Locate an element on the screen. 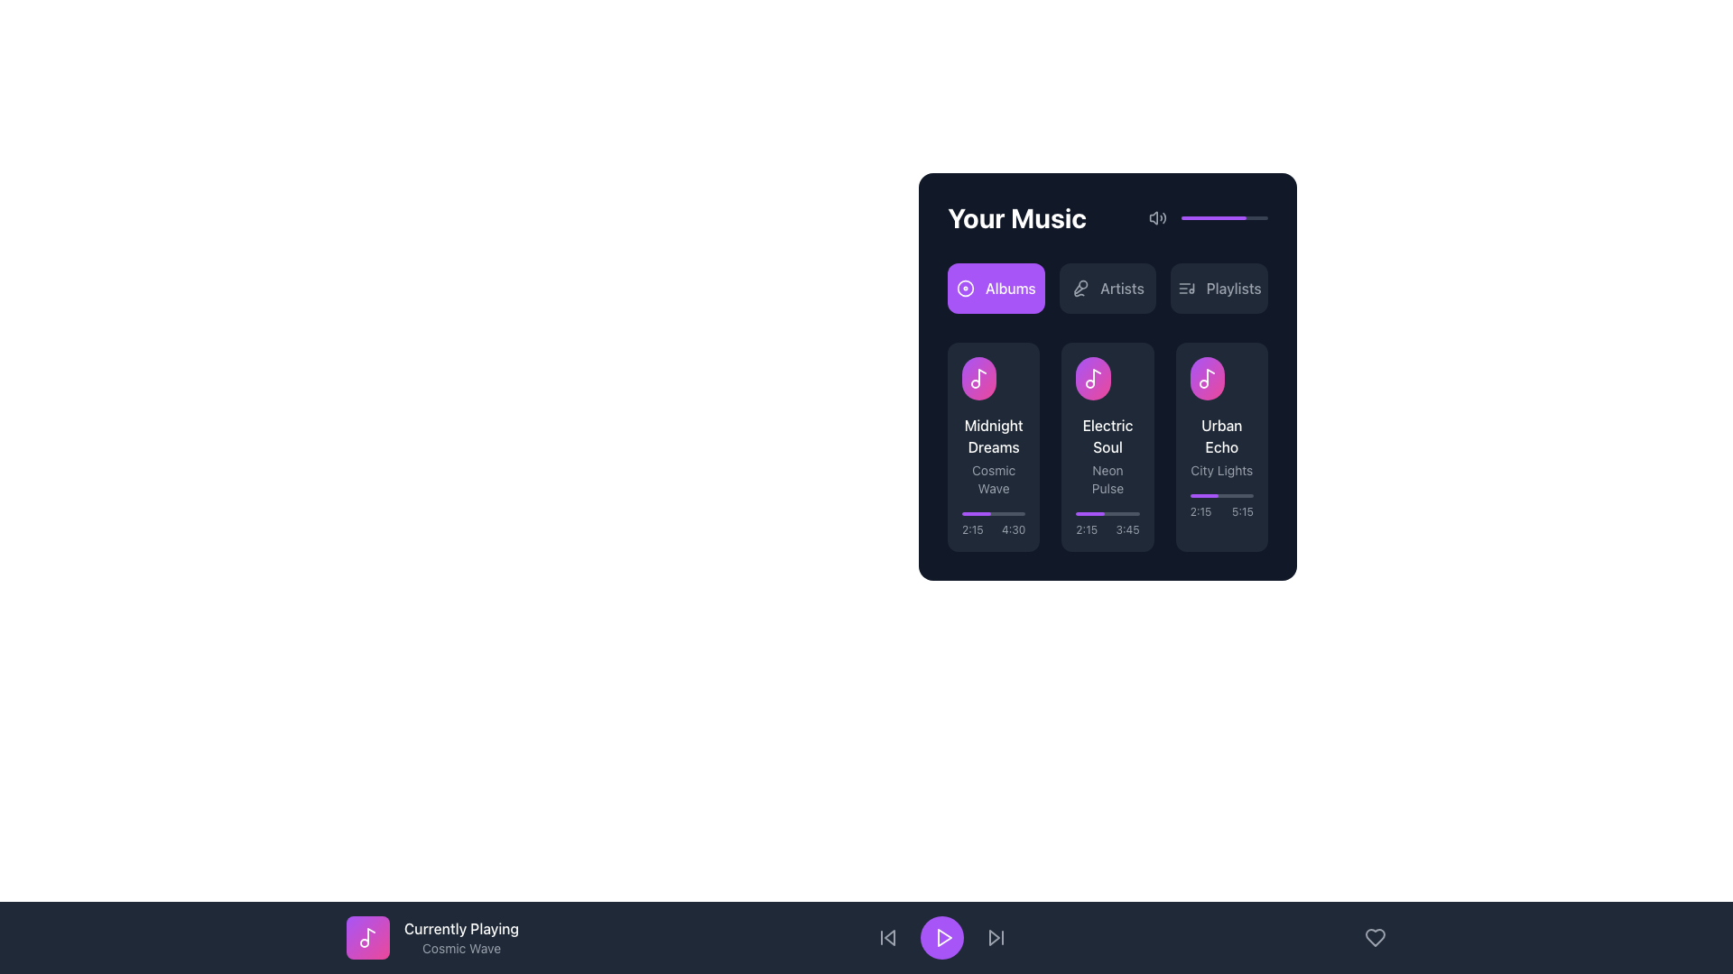 The height and width of the screenshot is (974, 1733). the button representing the album or playlist labeled 'Electric Soul' in the 'Your Music' section, located in the second column of the music album cards is located at coordinates (1092, 378).